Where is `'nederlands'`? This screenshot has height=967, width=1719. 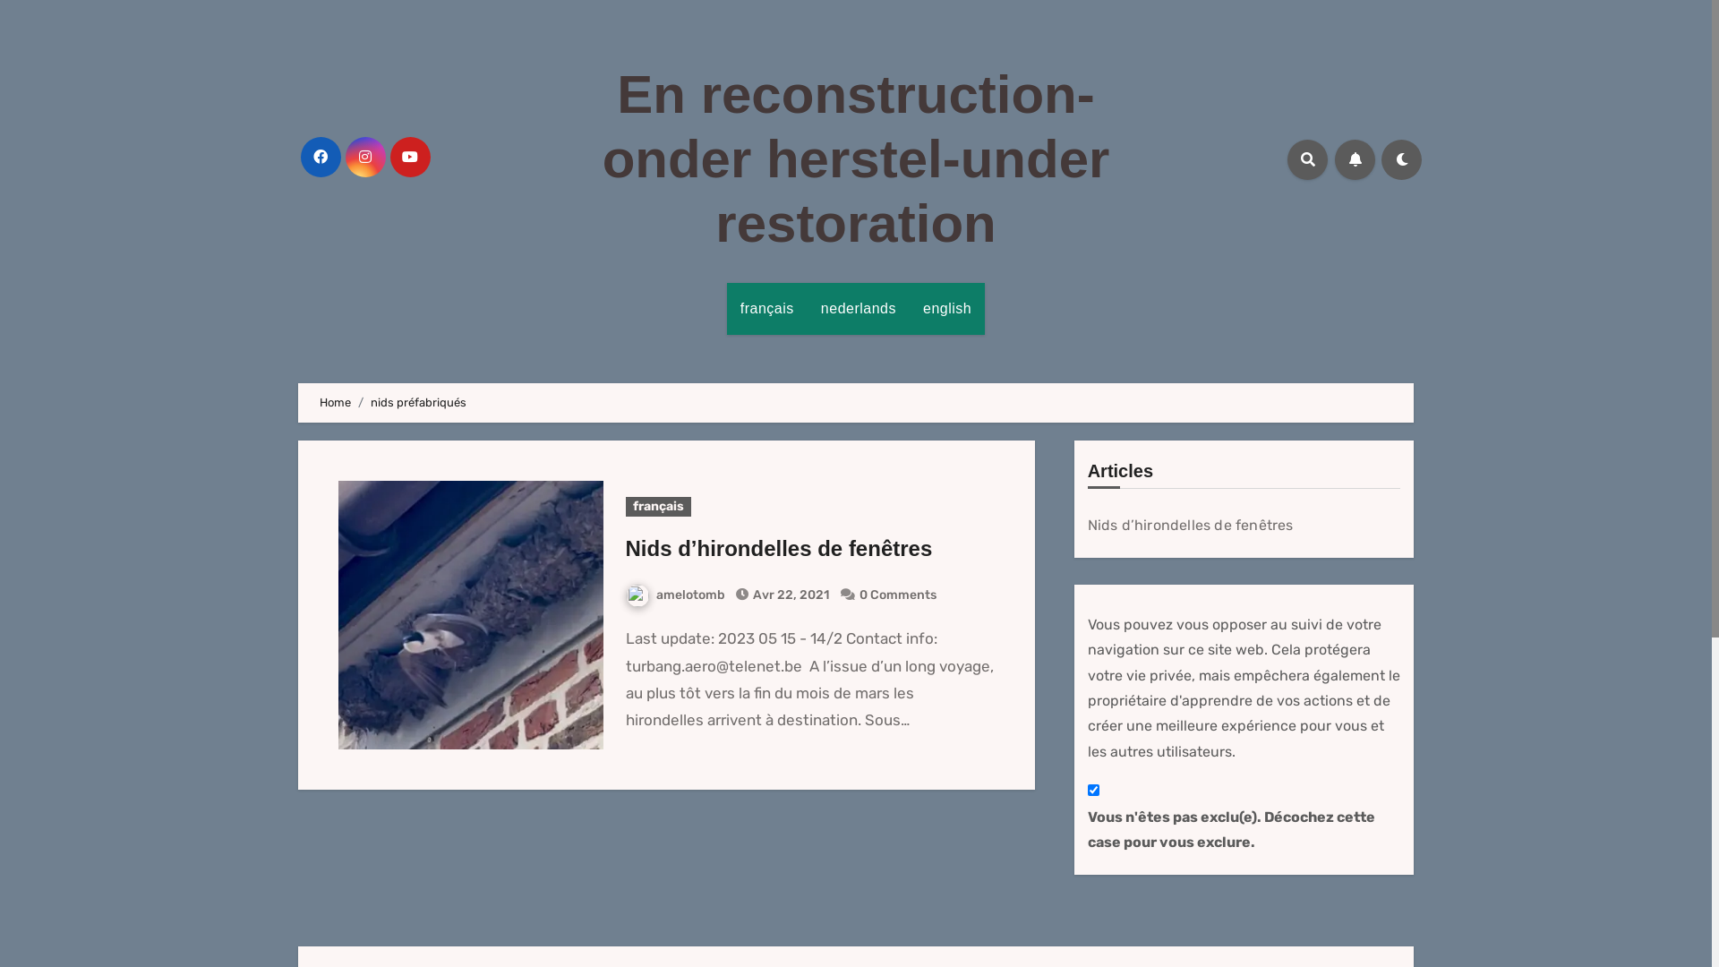 'nederlands' is located at coordinates (858, 307).